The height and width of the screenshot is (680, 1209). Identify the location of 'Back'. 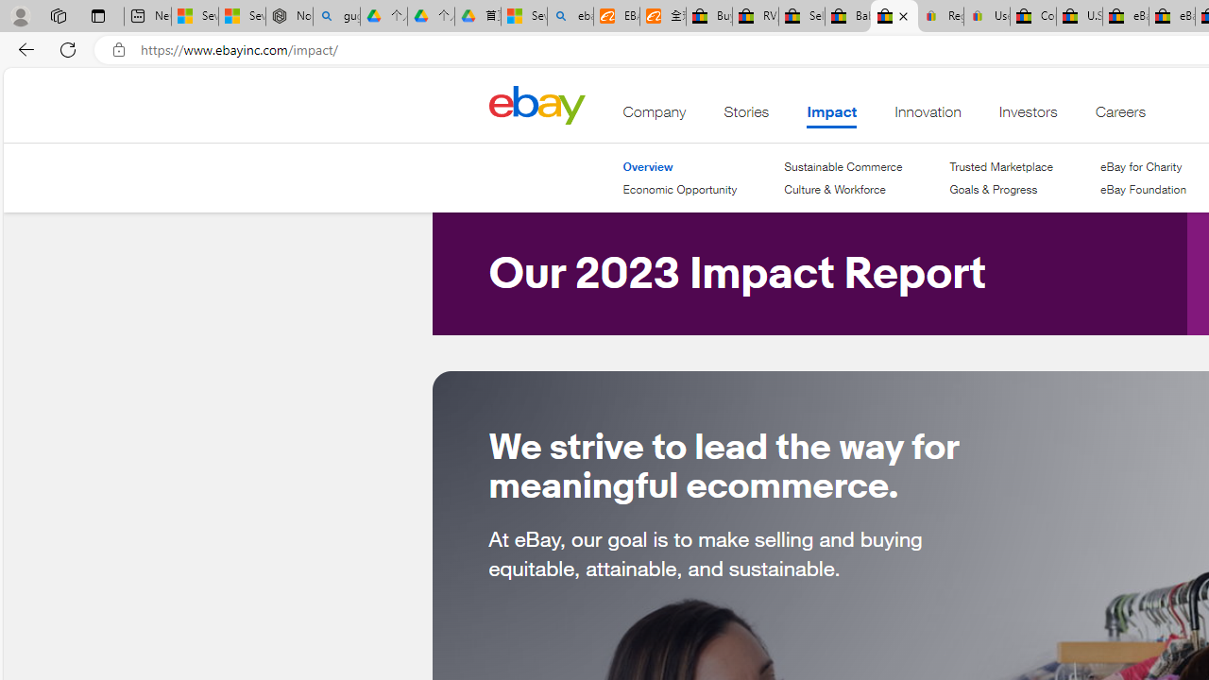
(23, 48).